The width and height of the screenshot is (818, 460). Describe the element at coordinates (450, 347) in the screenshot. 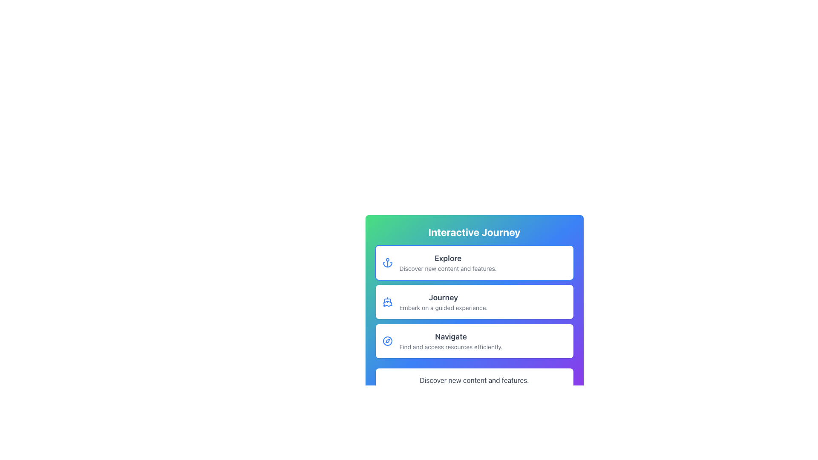

I see `the text label that reads 'Find and access resources efficiently.' located below the heading 'Navigate'` at that location.